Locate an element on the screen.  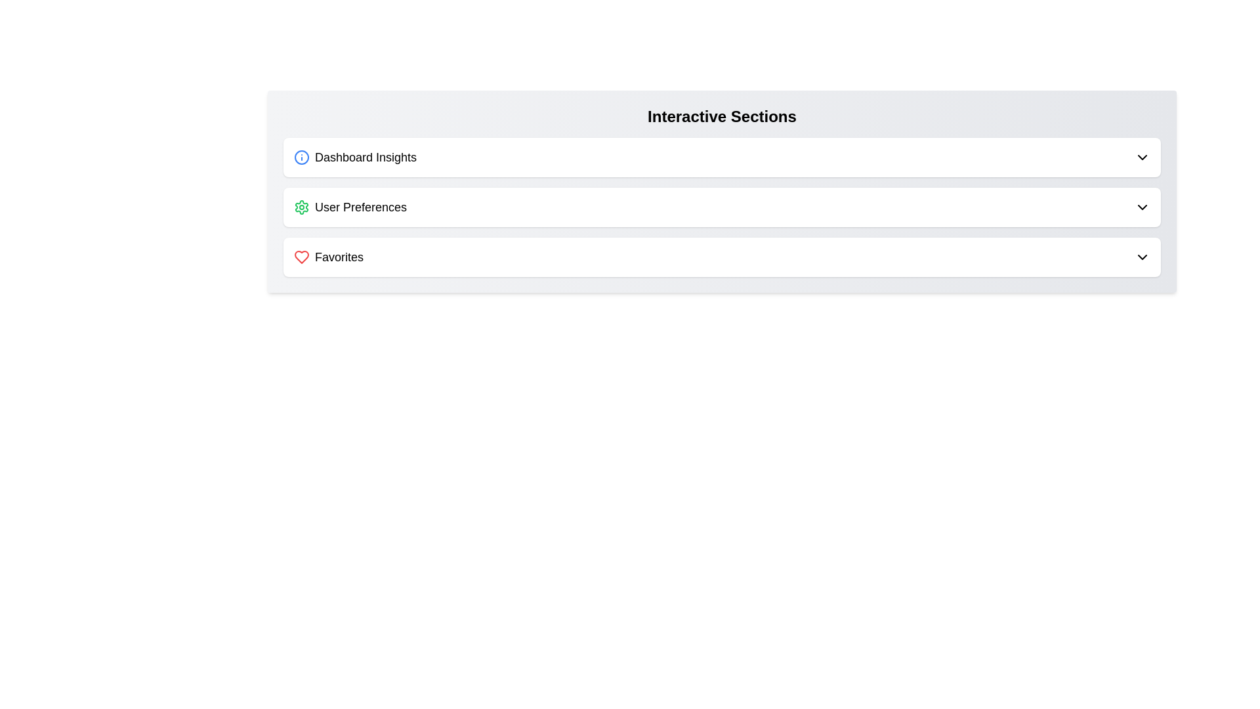
the Chevron Dropdown Icon located on the far-right side within the 'Favorites' section is located at coordinates (1142, 257).